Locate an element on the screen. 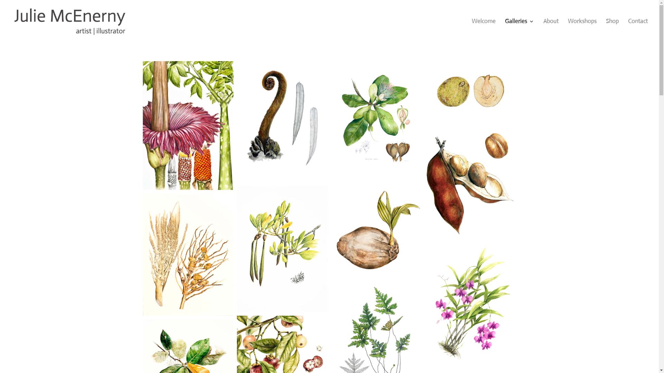  'Galleries' is located at coordinates (519, 30).